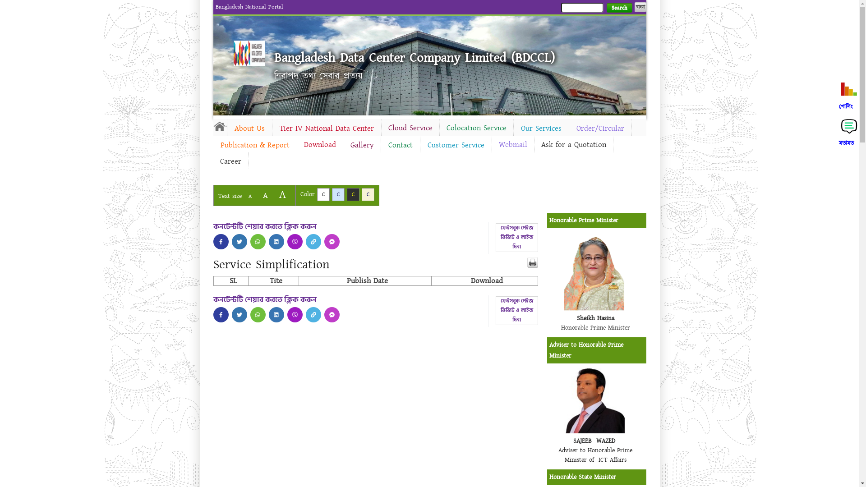 The width and height of the screenshot is (866, 487). I want to click on 'Ask for a Quotation', so click(573, 144).